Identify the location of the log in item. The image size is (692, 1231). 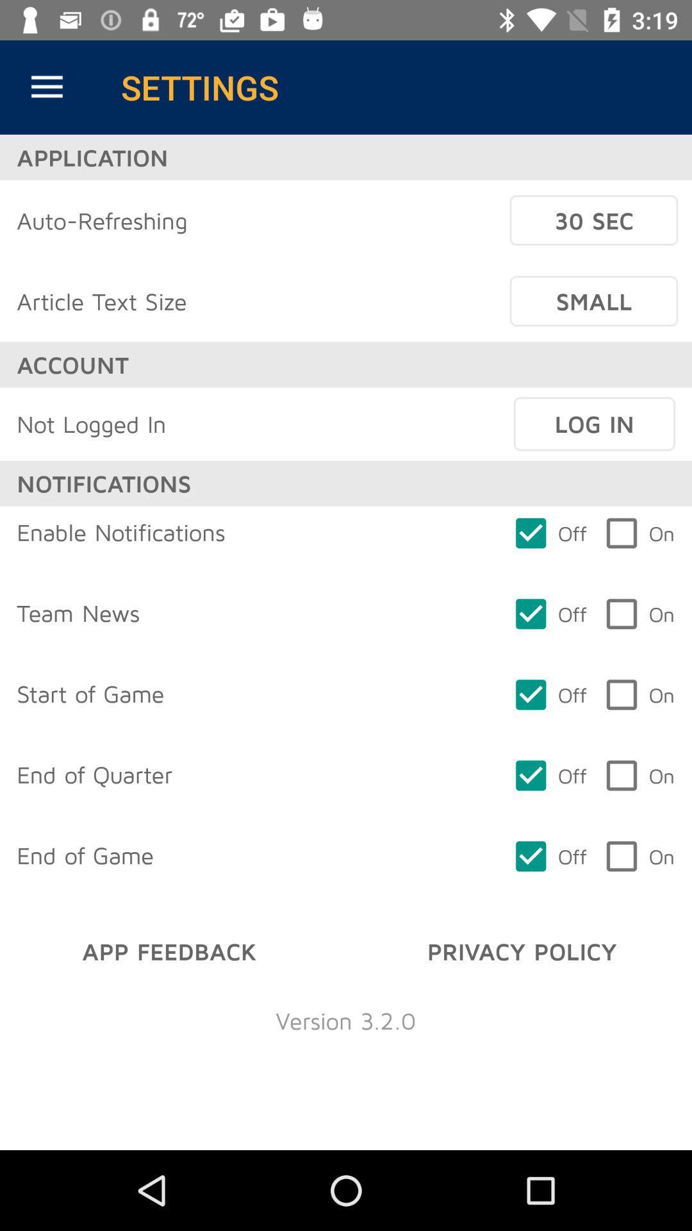
(594, 424).